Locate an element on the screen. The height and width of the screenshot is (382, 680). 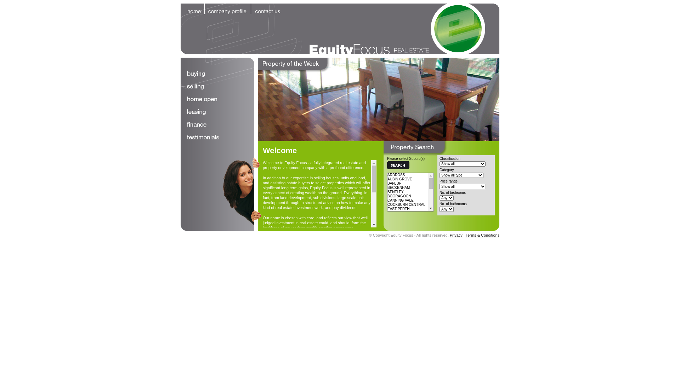
'Terms & Conditions' is located at coordinates (482, 235).